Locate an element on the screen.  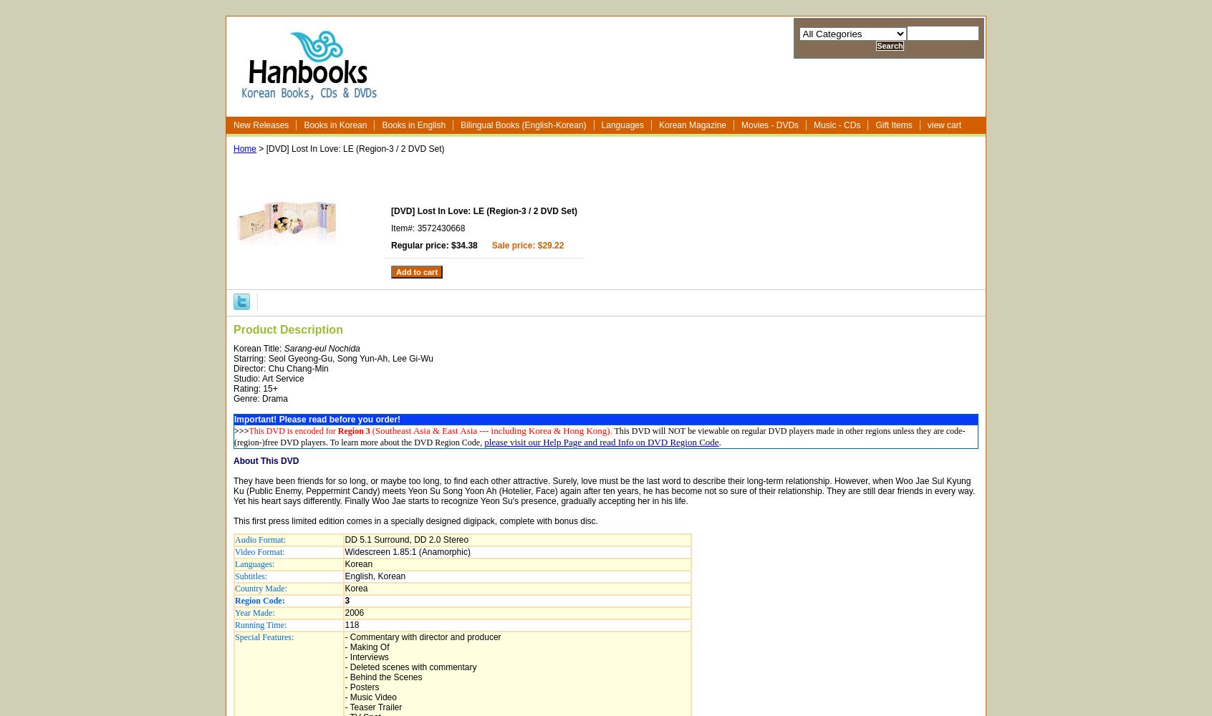
'Movies - DVDs' is located at coordinates (769, 125).